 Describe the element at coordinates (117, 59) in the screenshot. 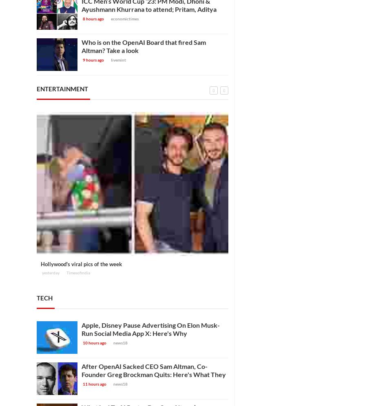

I see `'livemint'` at that location.